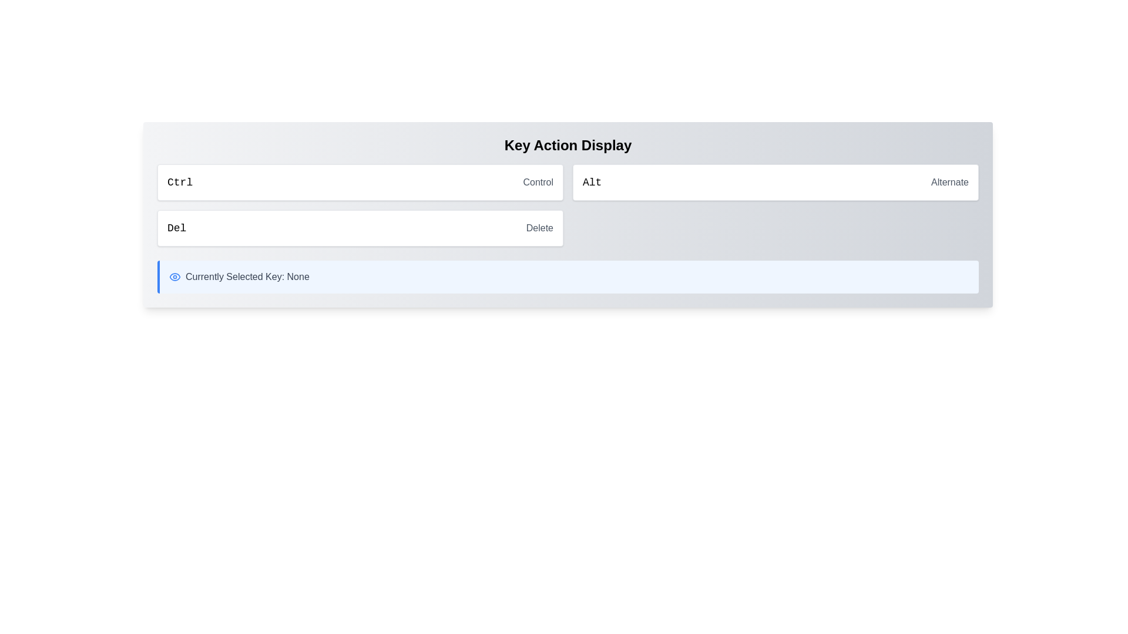 The image size is (1128, 634). I want to click on the Text label that serves as a key identifier, positioned to the left of the 'Alternate' text, aligning horizontally near the center of the page, so click(592, 183).